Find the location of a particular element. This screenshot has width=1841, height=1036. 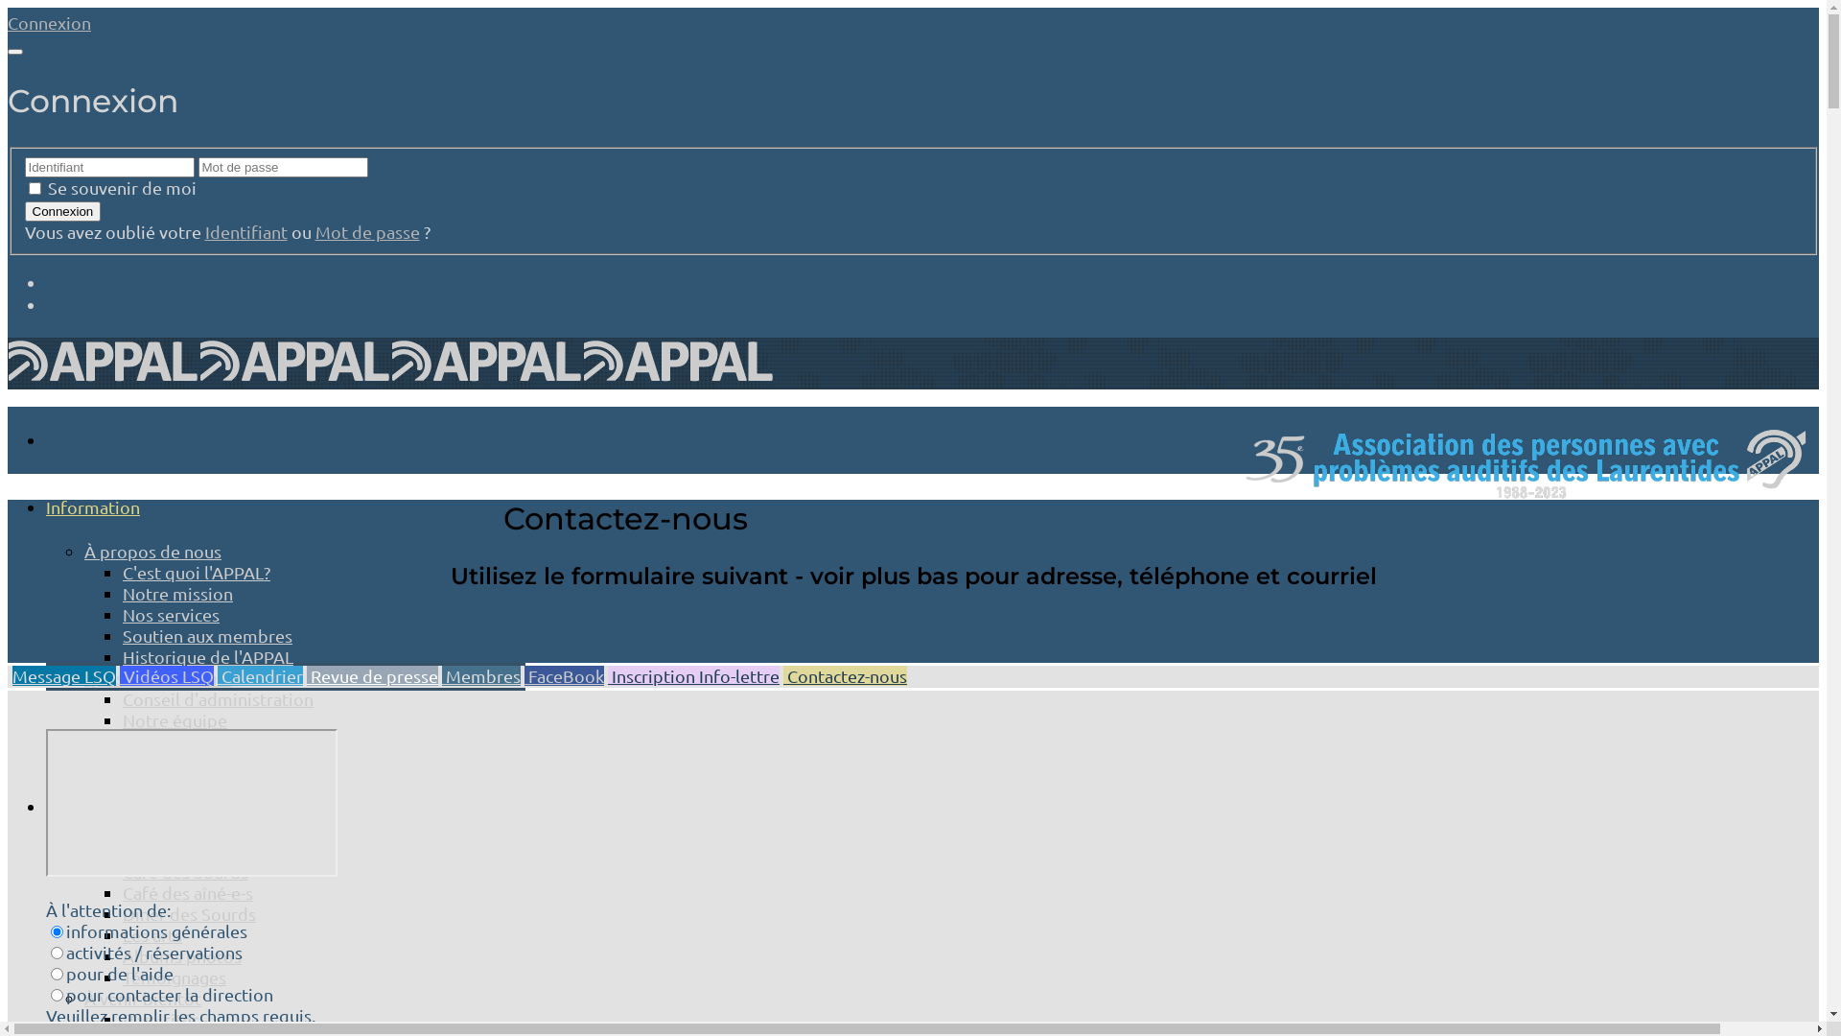

'Contactez-nous' is located at coordinates (844, 674).